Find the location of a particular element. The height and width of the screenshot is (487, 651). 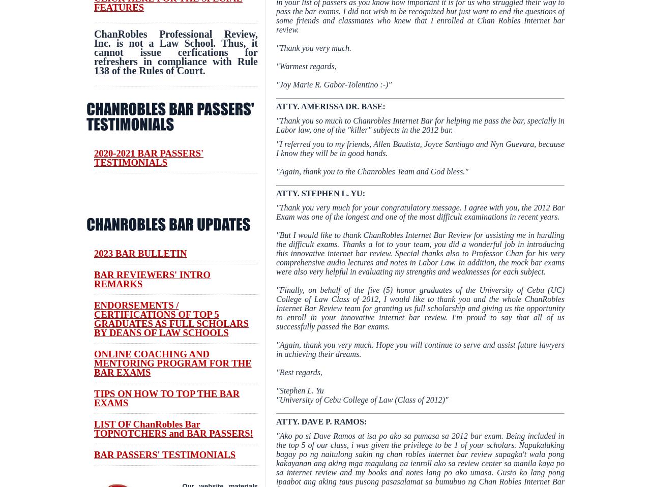

'ATTY. AMERISSA DR. BASE:' is located at coordinates (330, 106).